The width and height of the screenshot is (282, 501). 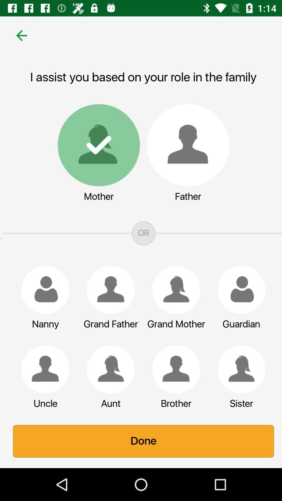 What do you see at coordinates (174, 369) in the screenshot?
I see `assign me as a brother` at bounding box center [174, 369].